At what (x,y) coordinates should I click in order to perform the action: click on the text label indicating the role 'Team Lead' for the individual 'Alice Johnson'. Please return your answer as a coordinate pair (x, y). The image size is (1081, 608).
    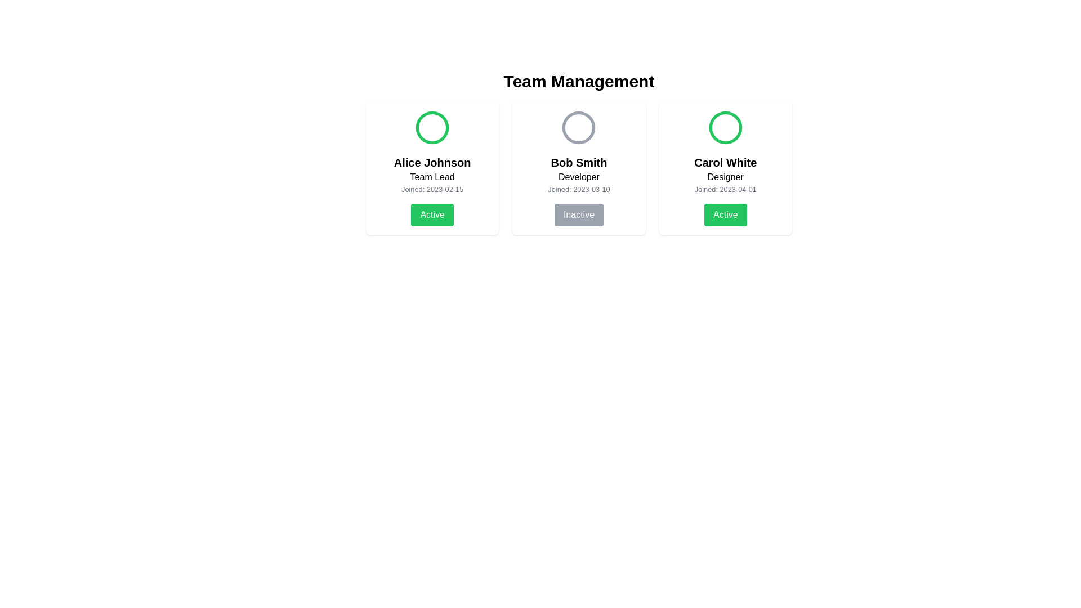
    Looking at the image, I should click on (432, 177).